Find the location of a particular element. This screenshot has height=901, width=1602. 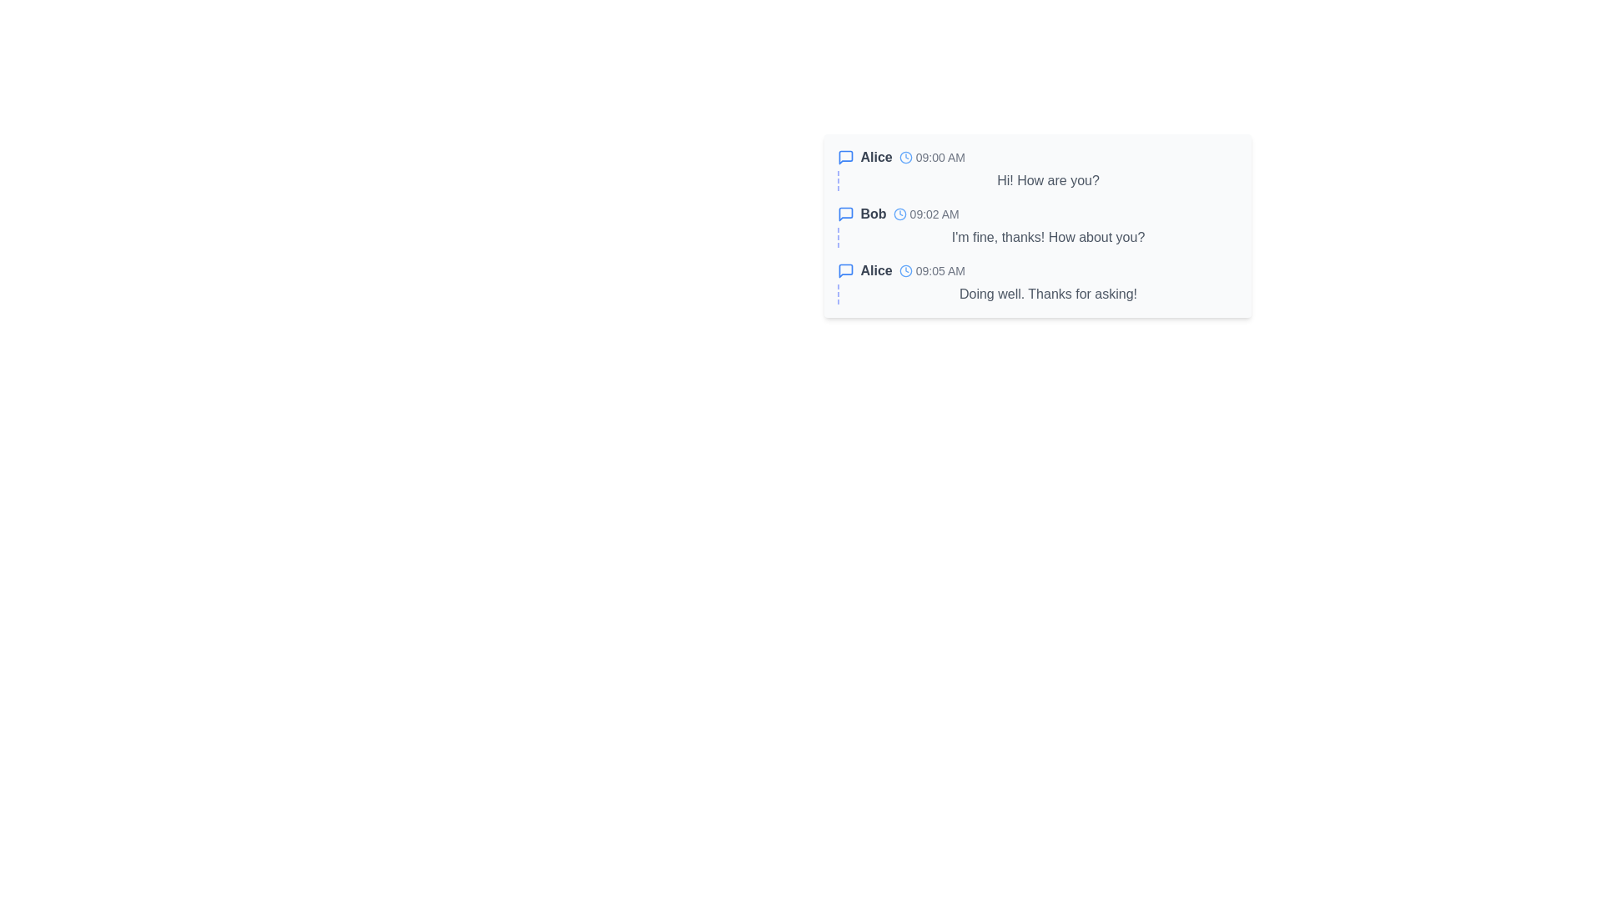

the message display text block positioned directly below the 'Alice 09:00 AM' header in the chat interface is located at coordinates (1036, 180).